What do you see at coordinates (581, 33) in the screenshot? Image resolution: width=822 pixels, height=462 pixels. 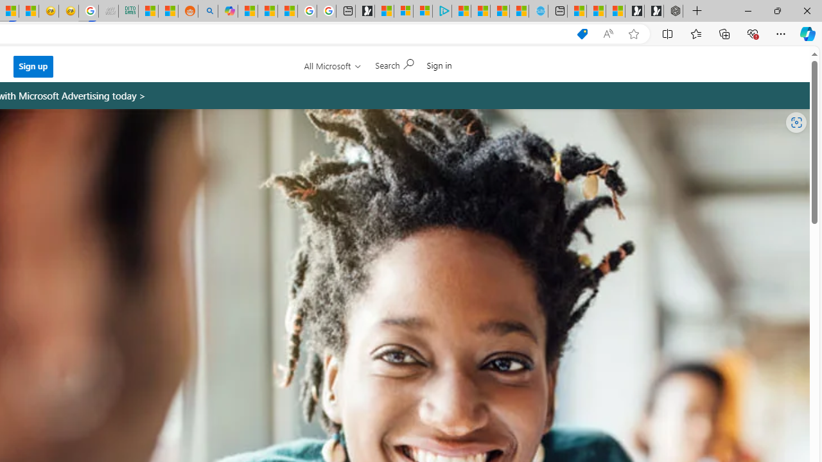 I see `'Shopping in Microsoft Edge'` at bounding box center [581, 33].